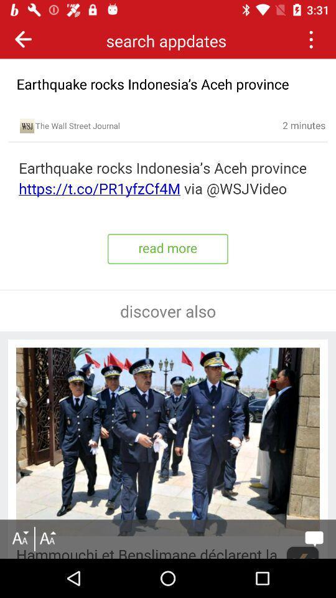 This screenshot has width=336, height=598. Describe the element at coordinates (168, 178) in the screenshot. I see `article` at that location.